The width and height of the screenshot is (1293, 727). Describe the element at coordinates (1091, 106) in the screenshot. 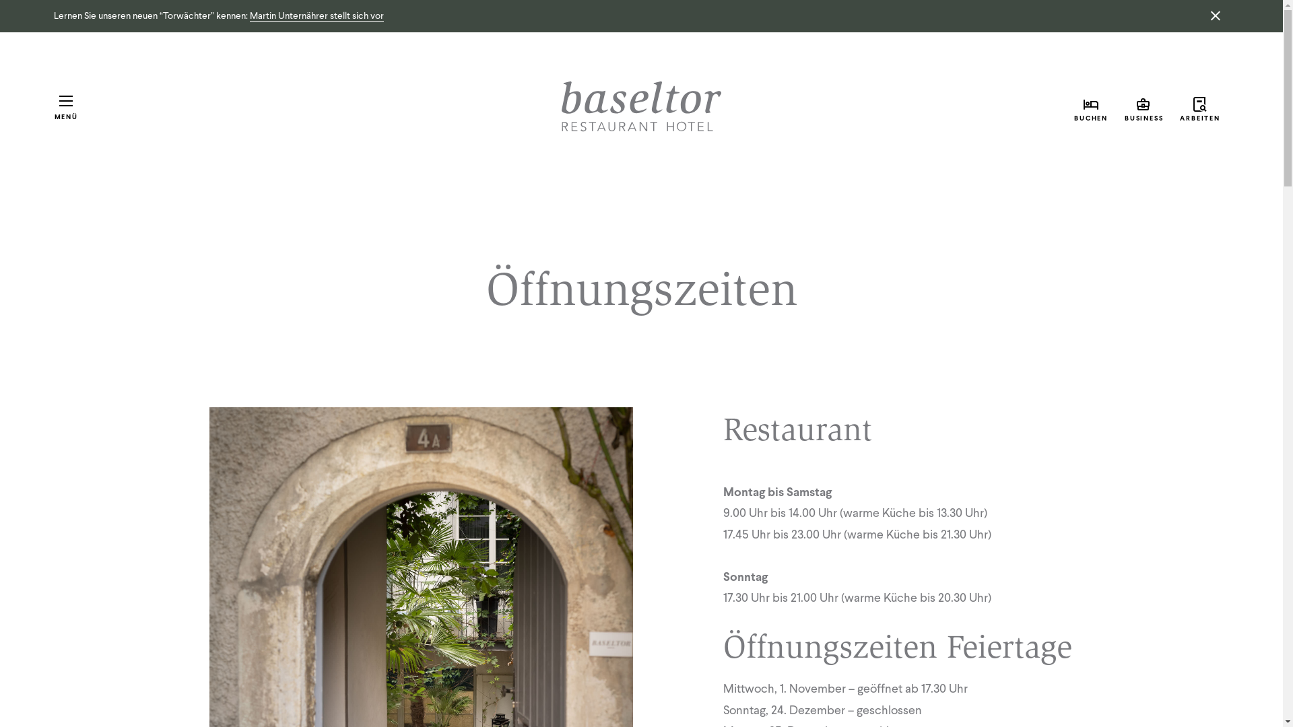

I see `'BUCHEN'` at that location.